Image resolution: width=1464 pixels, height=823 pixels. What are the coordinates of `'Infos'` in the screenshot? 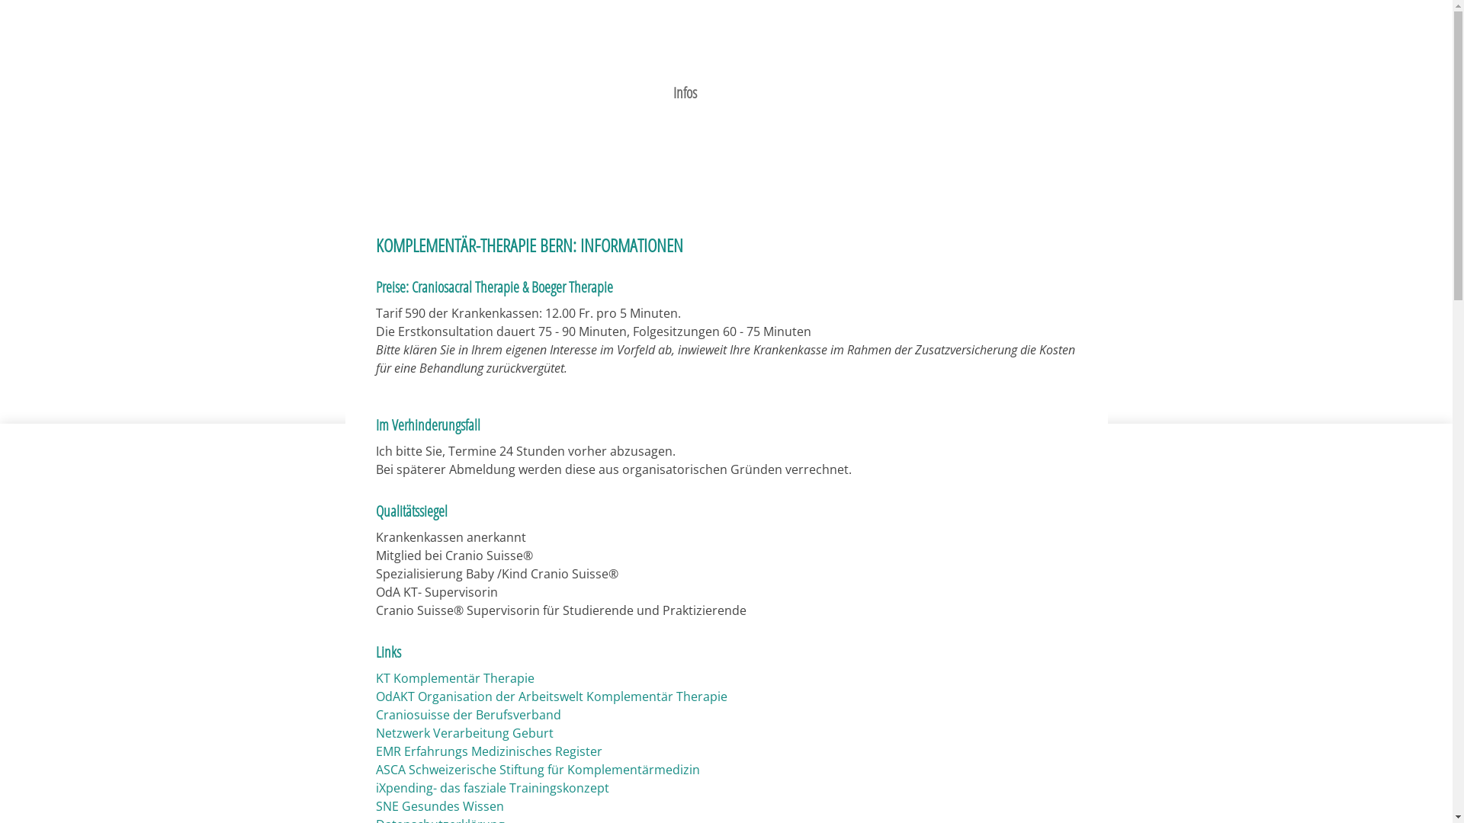 It's located at (684, 92).